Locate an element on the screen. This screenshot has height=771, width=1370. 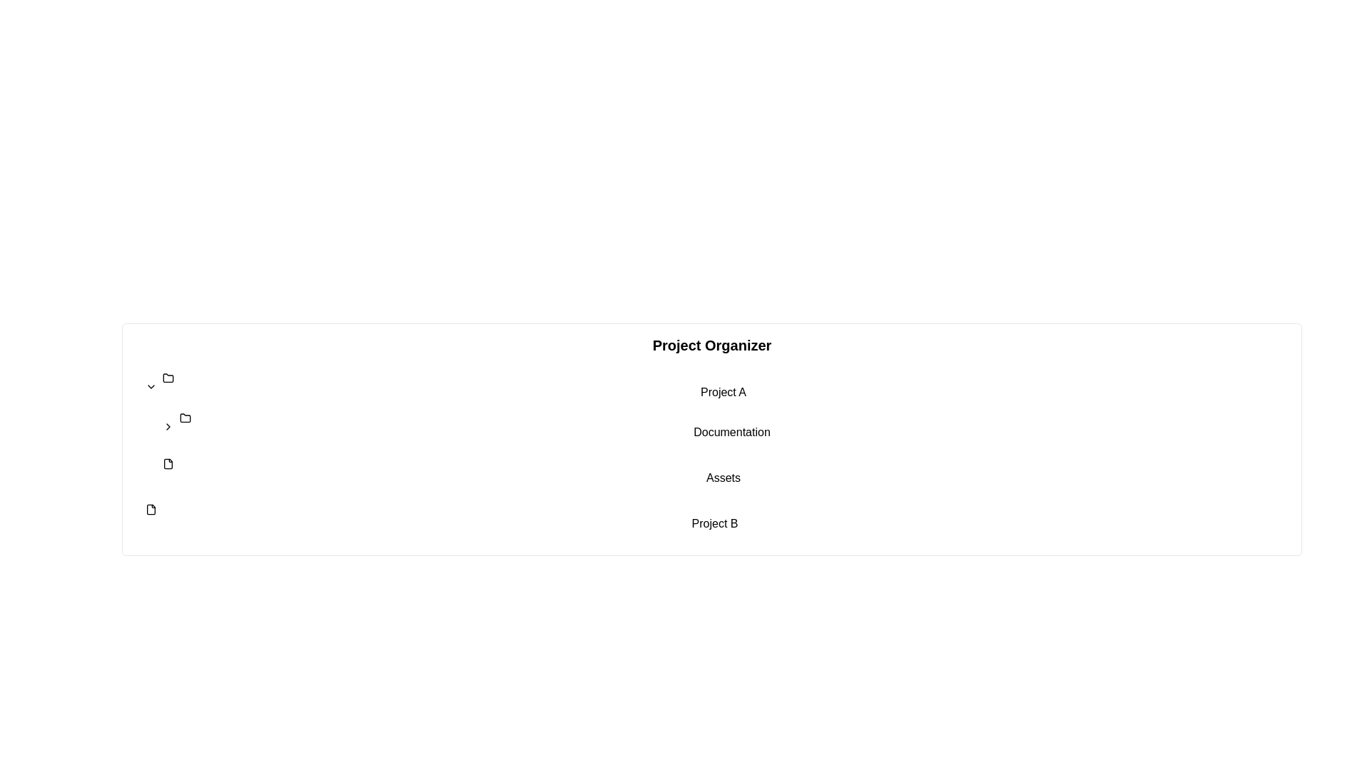
the Dropdown indicator icon associated with 'Project A' is located at coordinates (151, 387).